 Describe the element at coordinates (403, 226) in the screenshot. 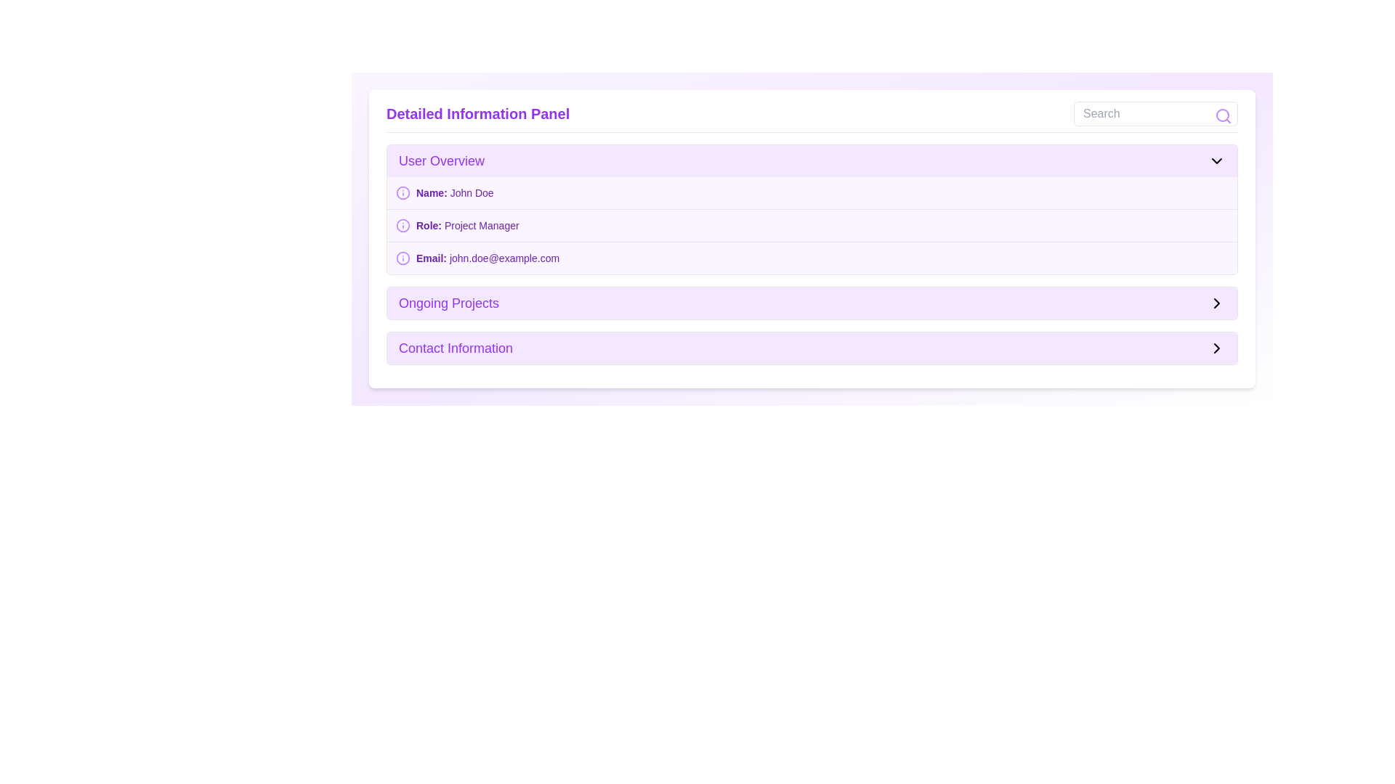

I see `the circular informational icon with a purple outline located to the left of the text 'Role: Project Manager' in the User Overview section` at that location.